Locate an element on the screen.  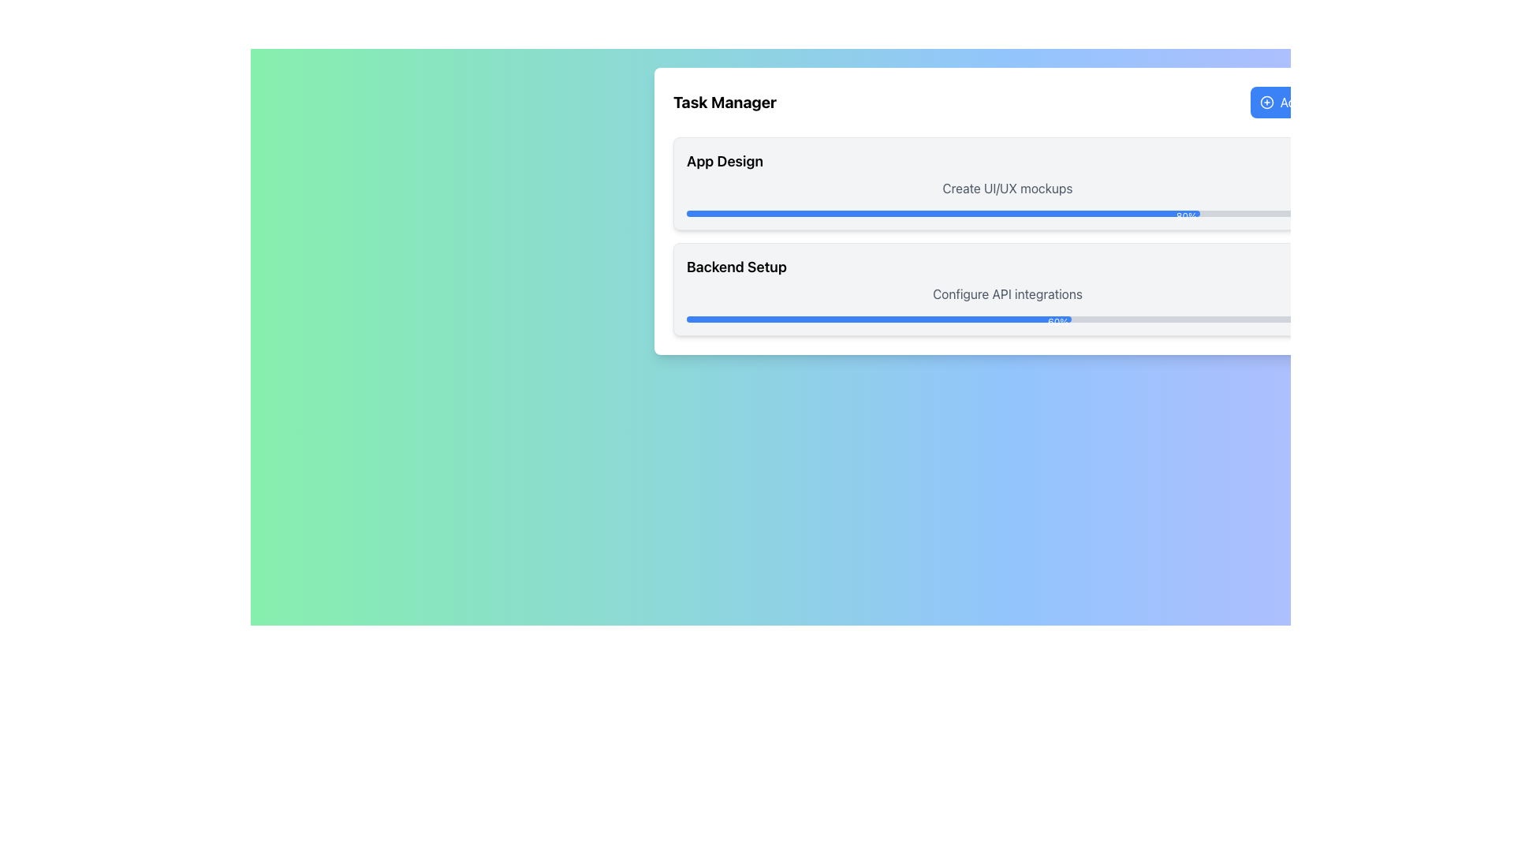
the blue filled progress bar indicating 60% completion located under the 'Backend Setup' section in the second card of the UI is located at coordinates (878, 319).